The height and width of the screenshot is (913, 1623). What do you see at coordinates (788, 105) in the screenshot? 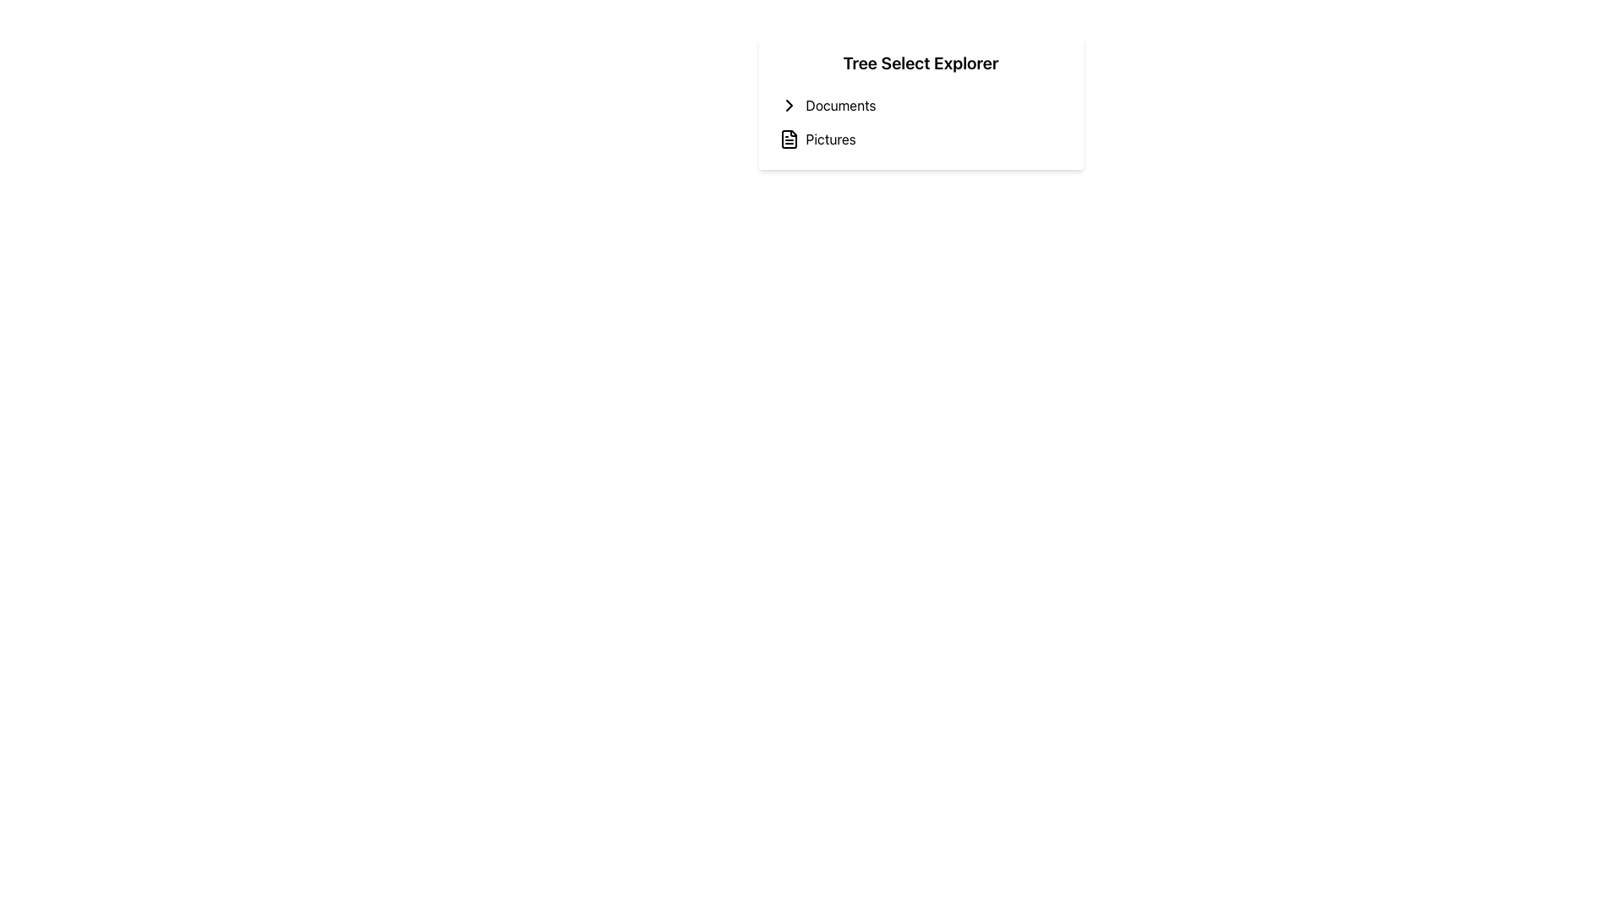
I see `the right-pointing chevron-style arrow icon` at bounding box center [788, 105].